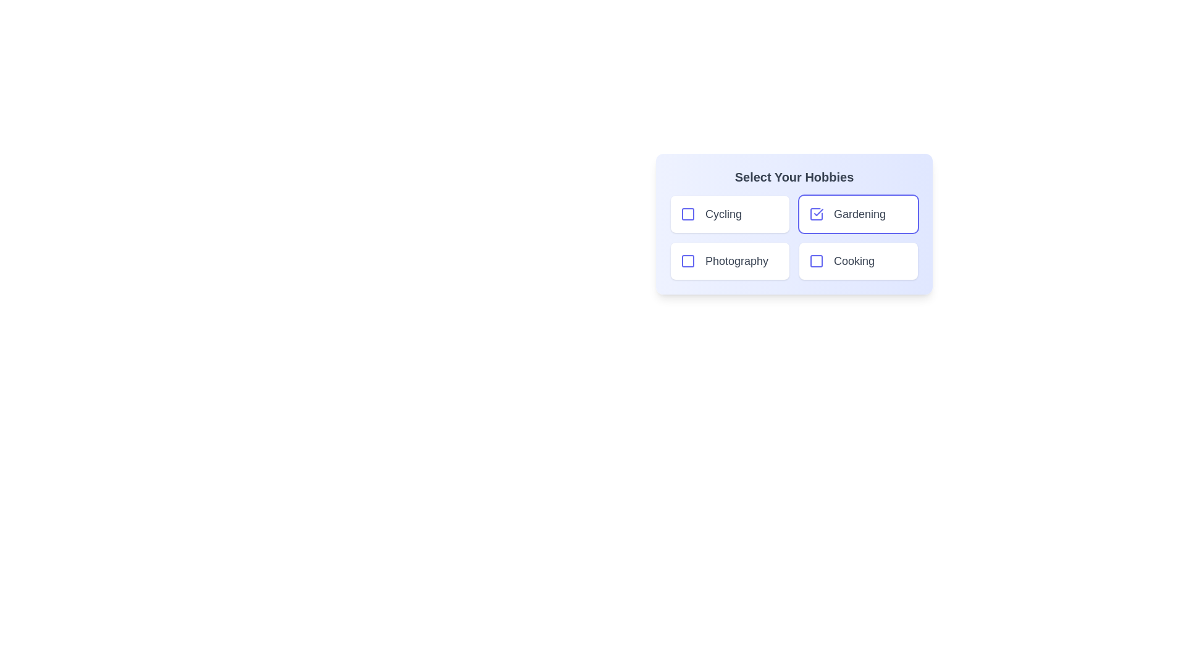 The image size is (1186, 667). What do you see at coordinates (730, 261) in the screenshot?
I see `the hobby item Photography to observe its hover effect` at bounding box center [730, 261].